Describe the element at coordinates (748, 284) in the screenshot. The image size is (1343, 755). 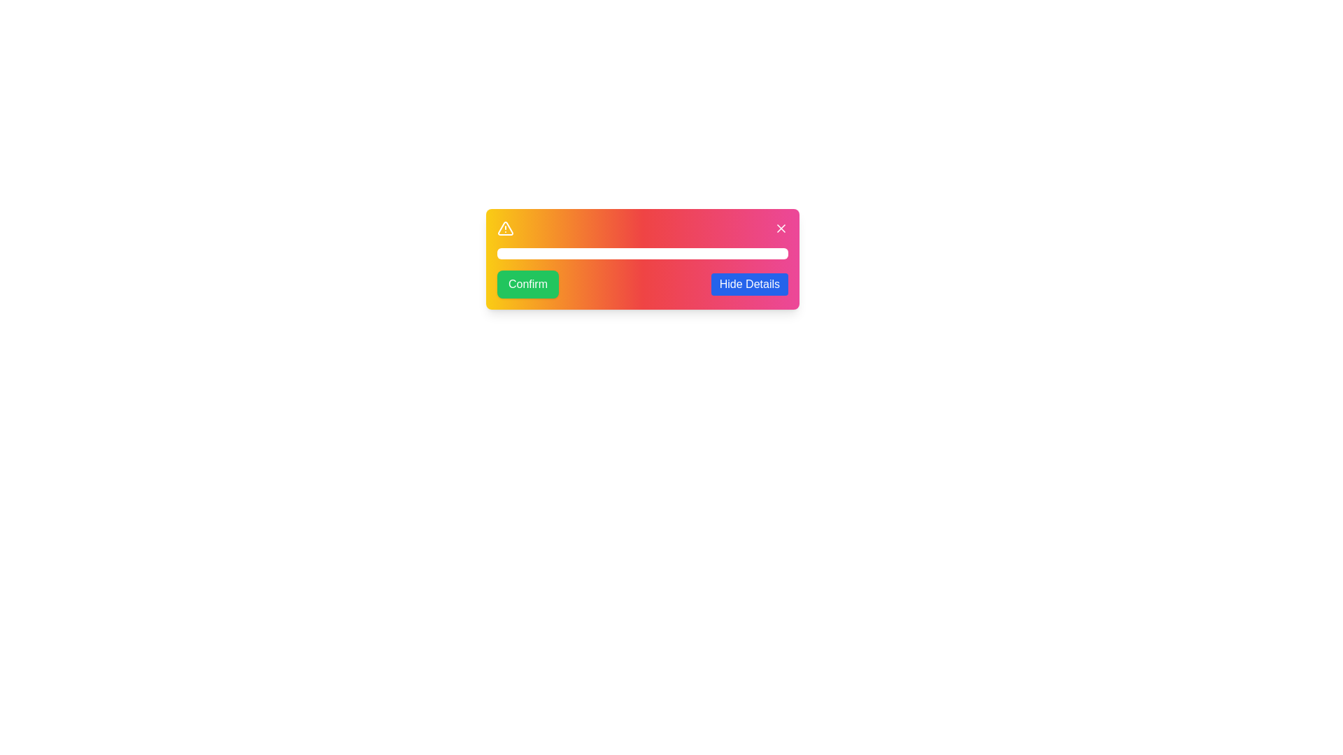
I see `the button that hides additional details, located in the bottom right of the content area` at that location.